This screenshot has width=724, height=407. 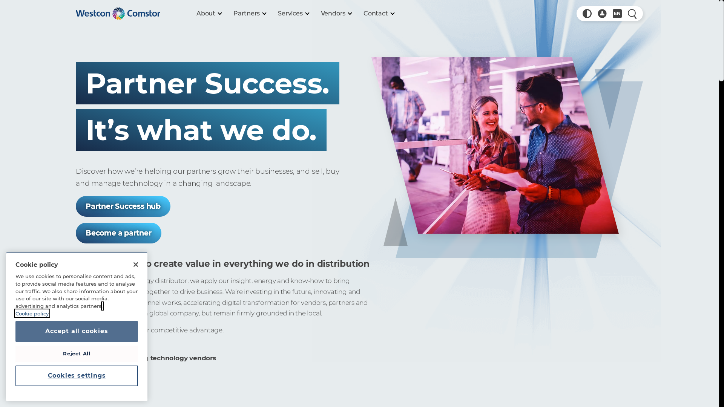 What do you see at coordinates (118, 233) in the screenshot?
I see `'Become a partner'` at bounding box center [118, 233].